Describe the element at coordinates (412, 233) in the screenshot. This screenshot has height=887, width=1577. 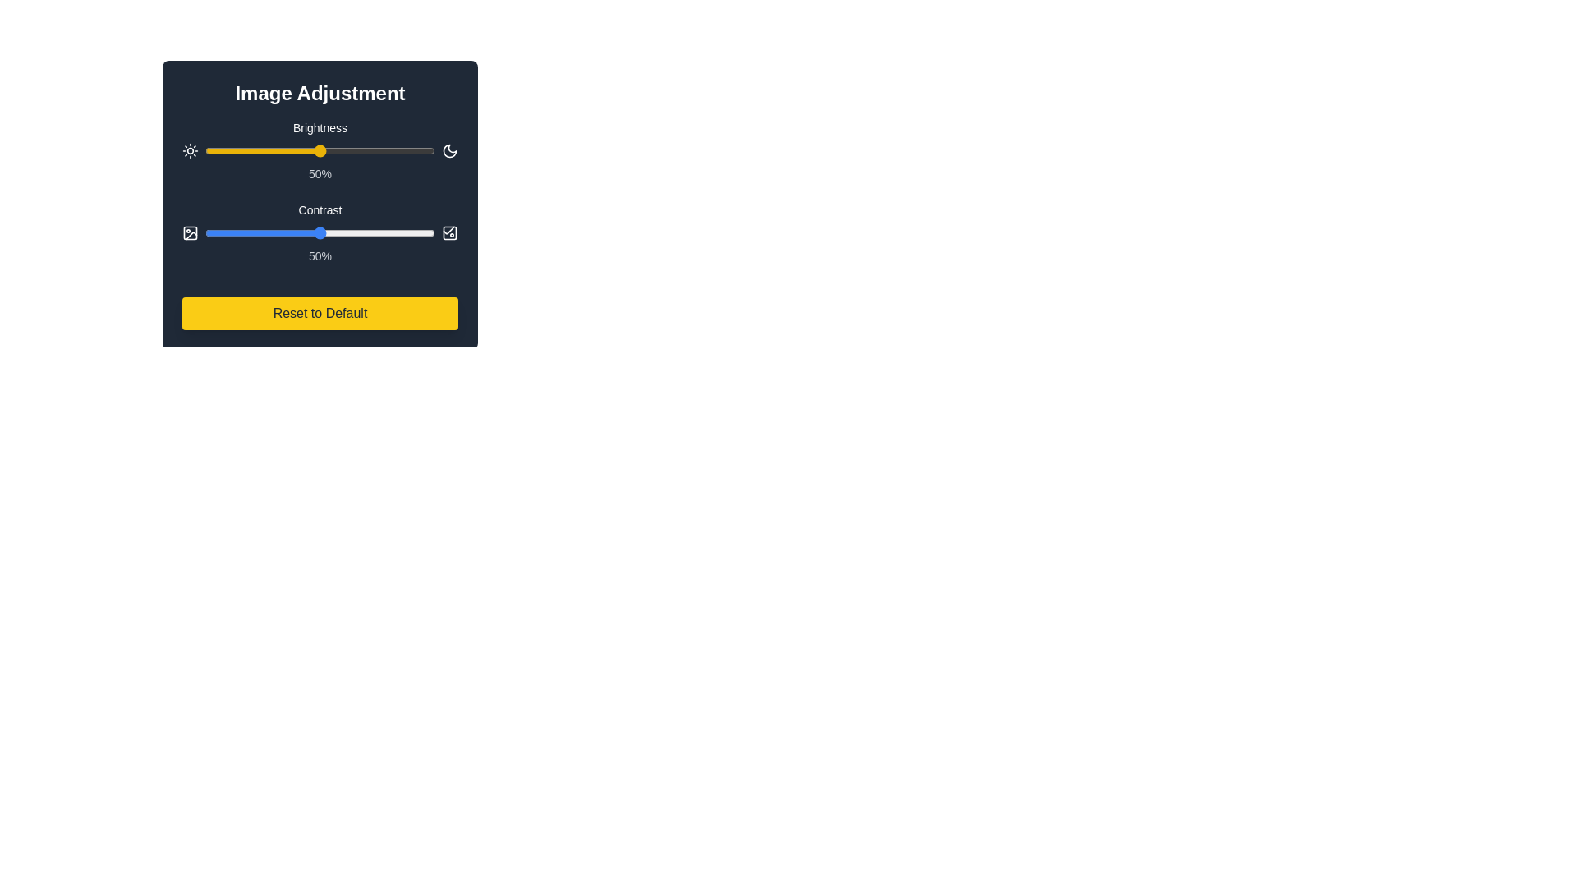
I see `contrast` at that location.